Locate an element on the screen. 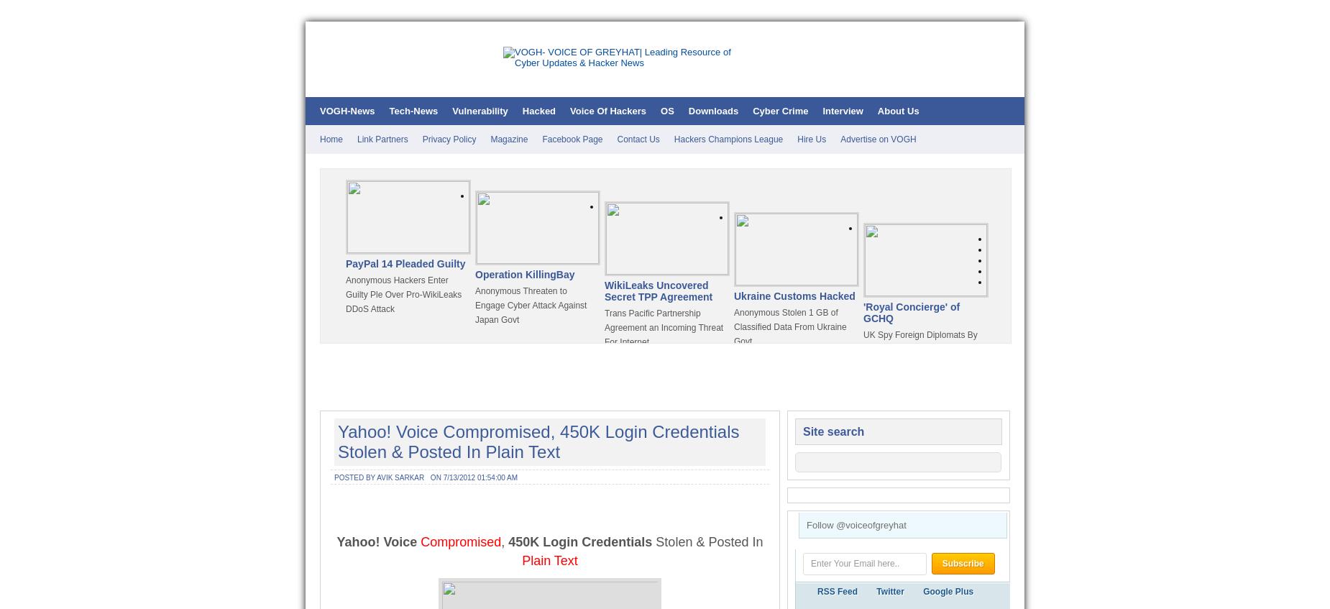 The height and width of the screenshot is (609, 1330). 'Follow @voiceofgreyhat' is located at coordinates (856, 524).